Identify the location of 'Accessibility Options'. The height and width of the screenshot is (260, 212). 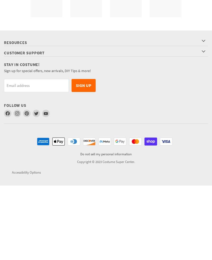
(26, 172).